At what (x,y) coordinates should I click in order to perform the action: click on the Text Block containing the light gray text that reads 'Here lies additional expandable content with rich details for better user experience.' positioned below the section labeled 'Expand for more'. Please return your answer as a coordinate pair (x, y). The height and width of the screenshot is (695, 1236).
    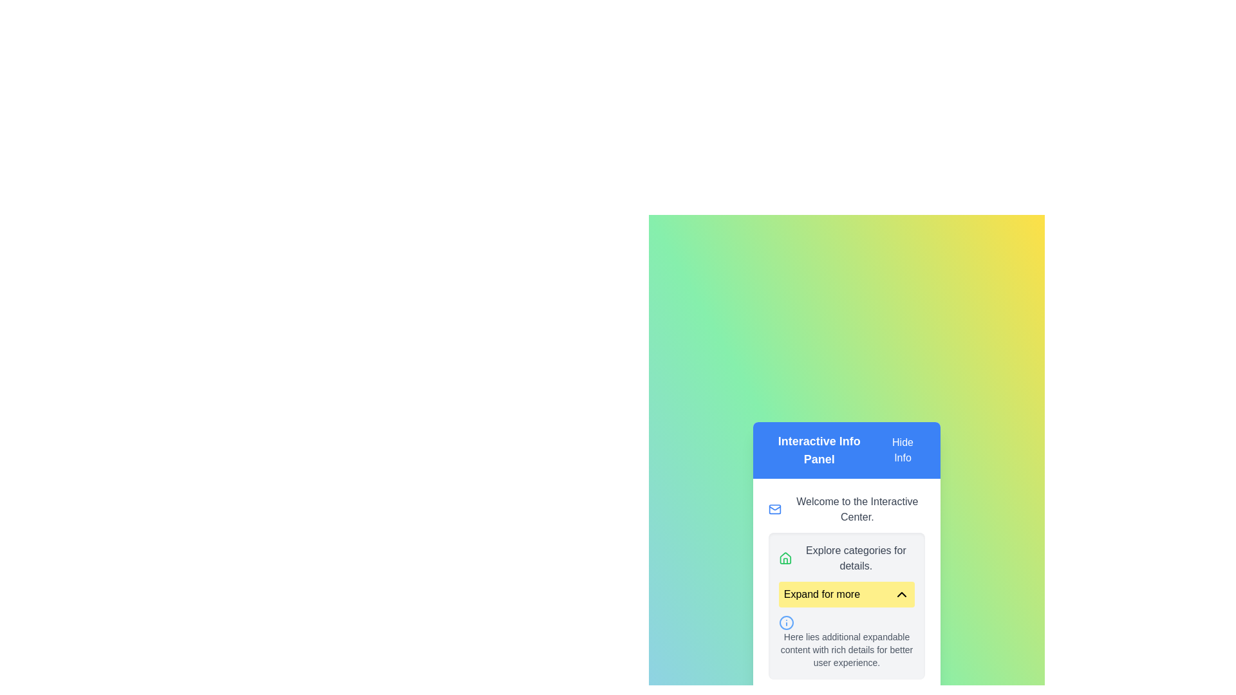
    Looking at the image, I should click on (847, 650).